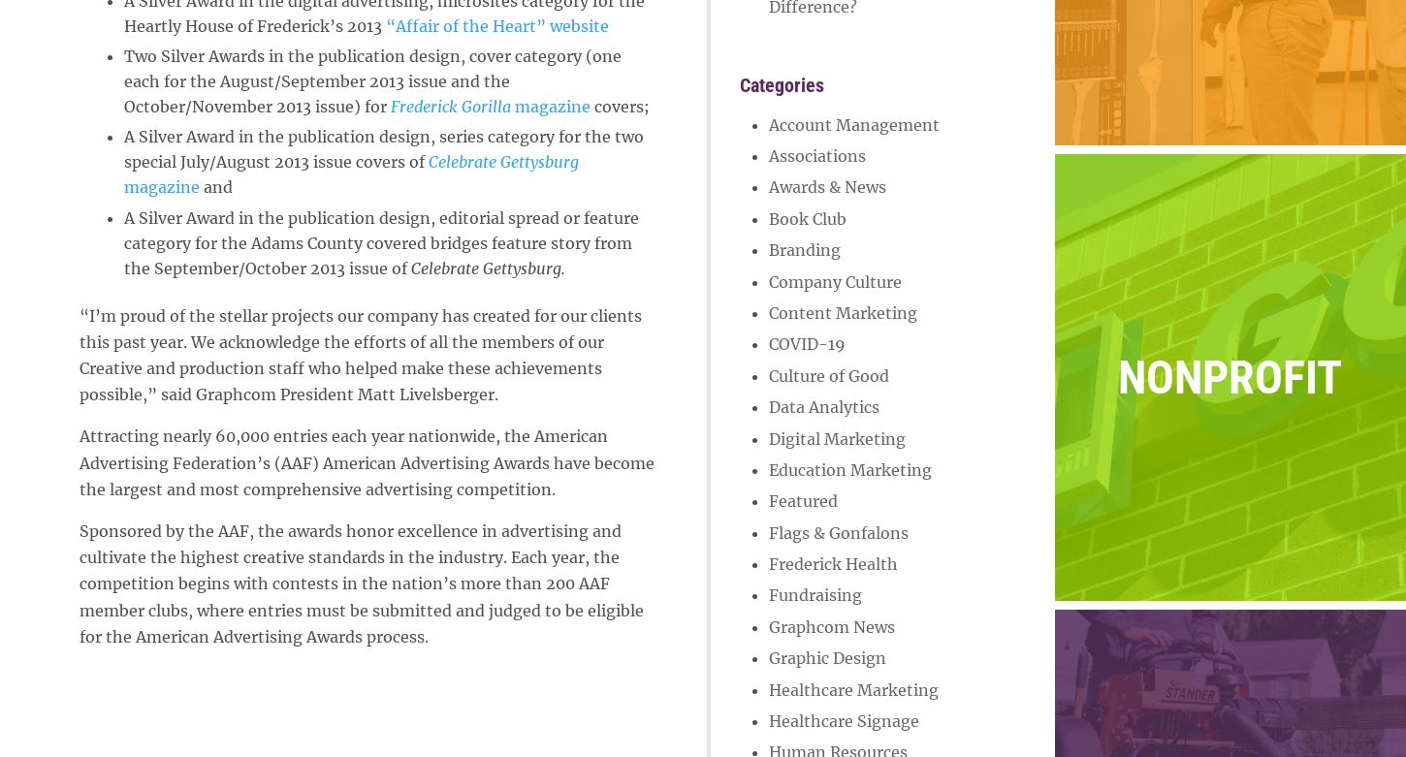 The height and width of the screenshot is (757, 1406). What do you see at coordinates (814, 595) in the screenshot?
I see `'Fundraising'` at bounding box center [814, 595].